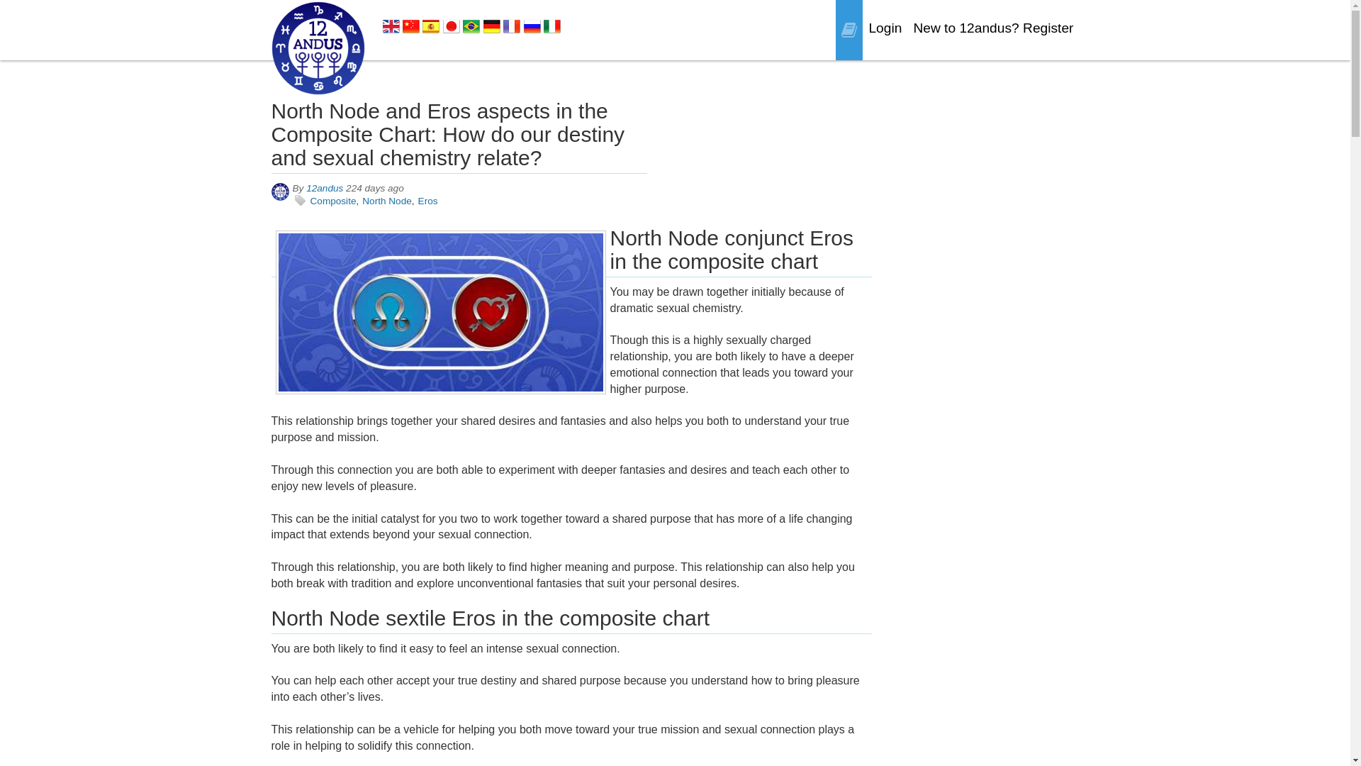  What do you see at coordinates (510, 26) in the screenshot?
I see `'French'` at bounding box center [510, 26].